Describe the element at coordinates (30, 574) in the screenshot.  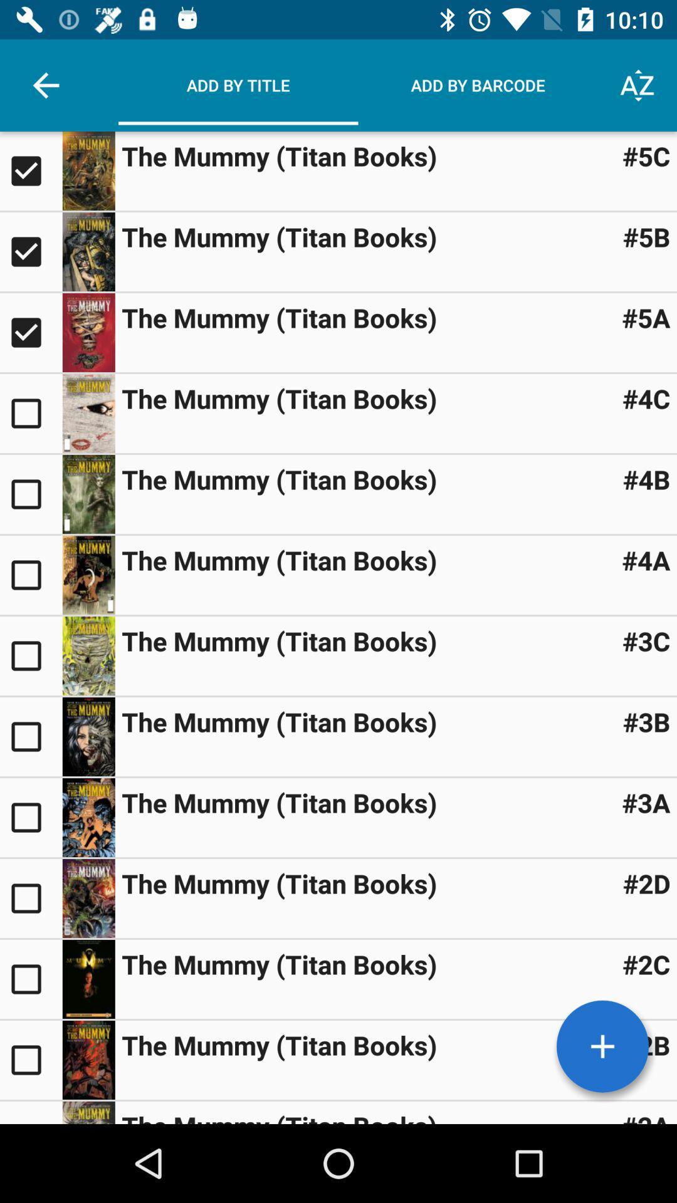
I see `adds book` at that location.